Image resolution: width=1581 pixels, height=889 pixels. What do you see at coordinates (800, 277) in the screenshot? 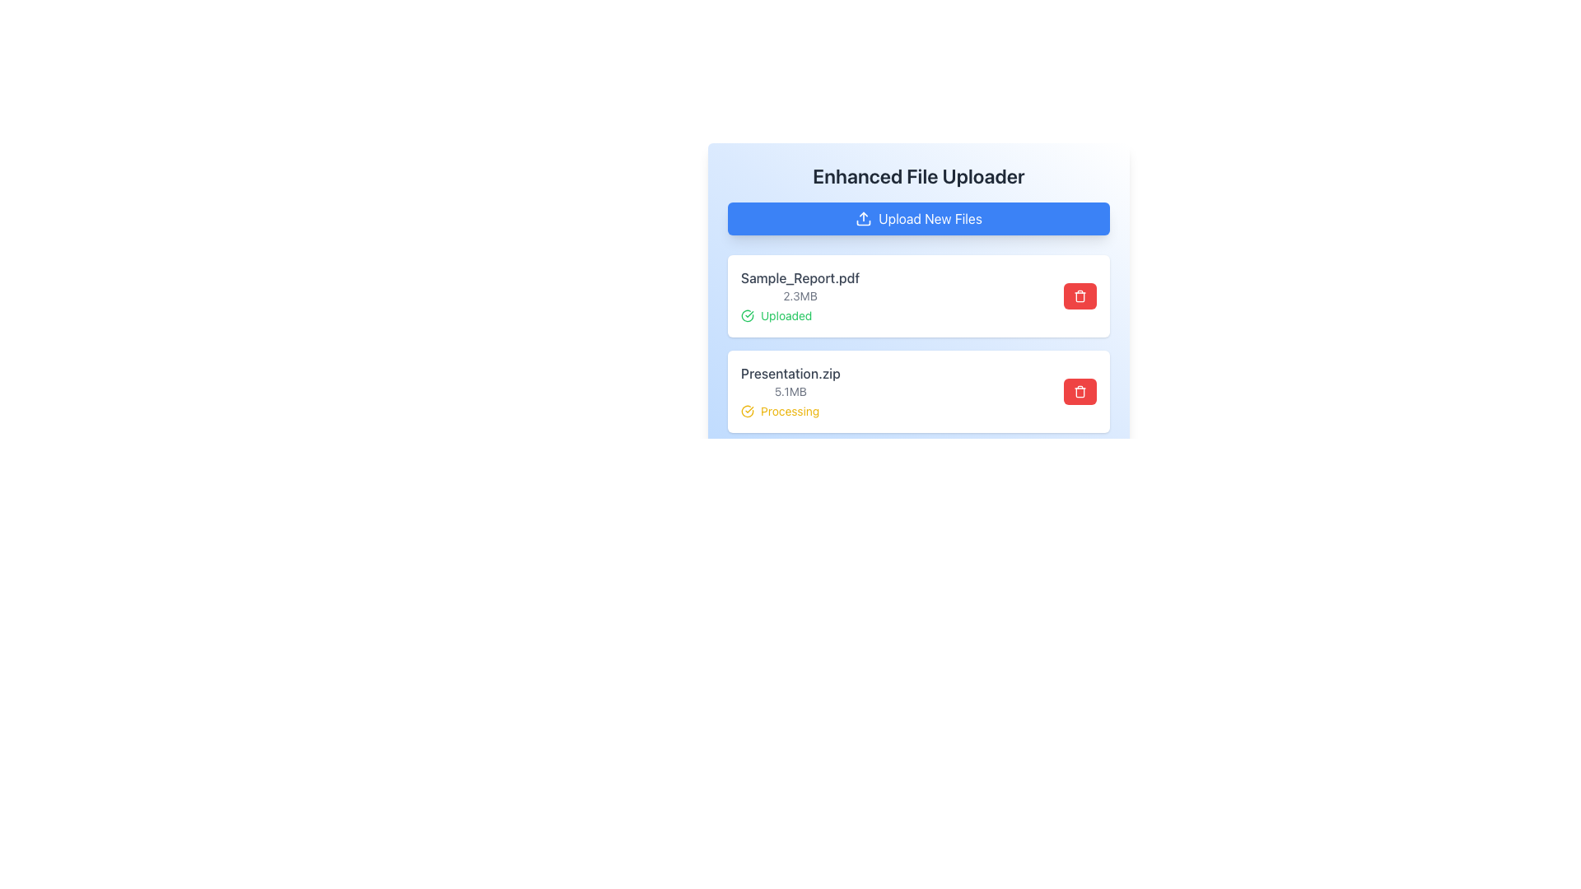
I see `the text labeled 'Sample_Report.pdf' in the file upload interface` at bounding box center [800, 277].